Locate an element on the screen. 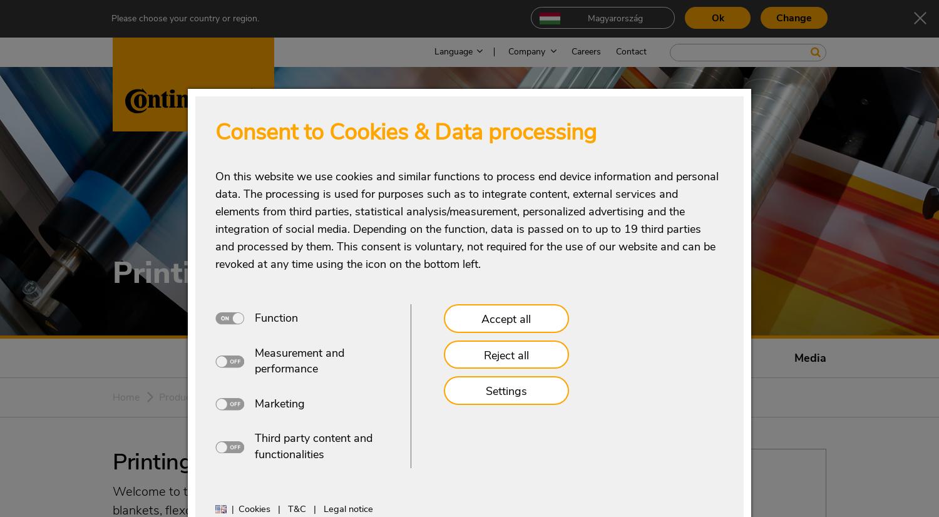 This screenshot has height=517, width=939. 'Got Questions?' is located at coordinates (610, 467).